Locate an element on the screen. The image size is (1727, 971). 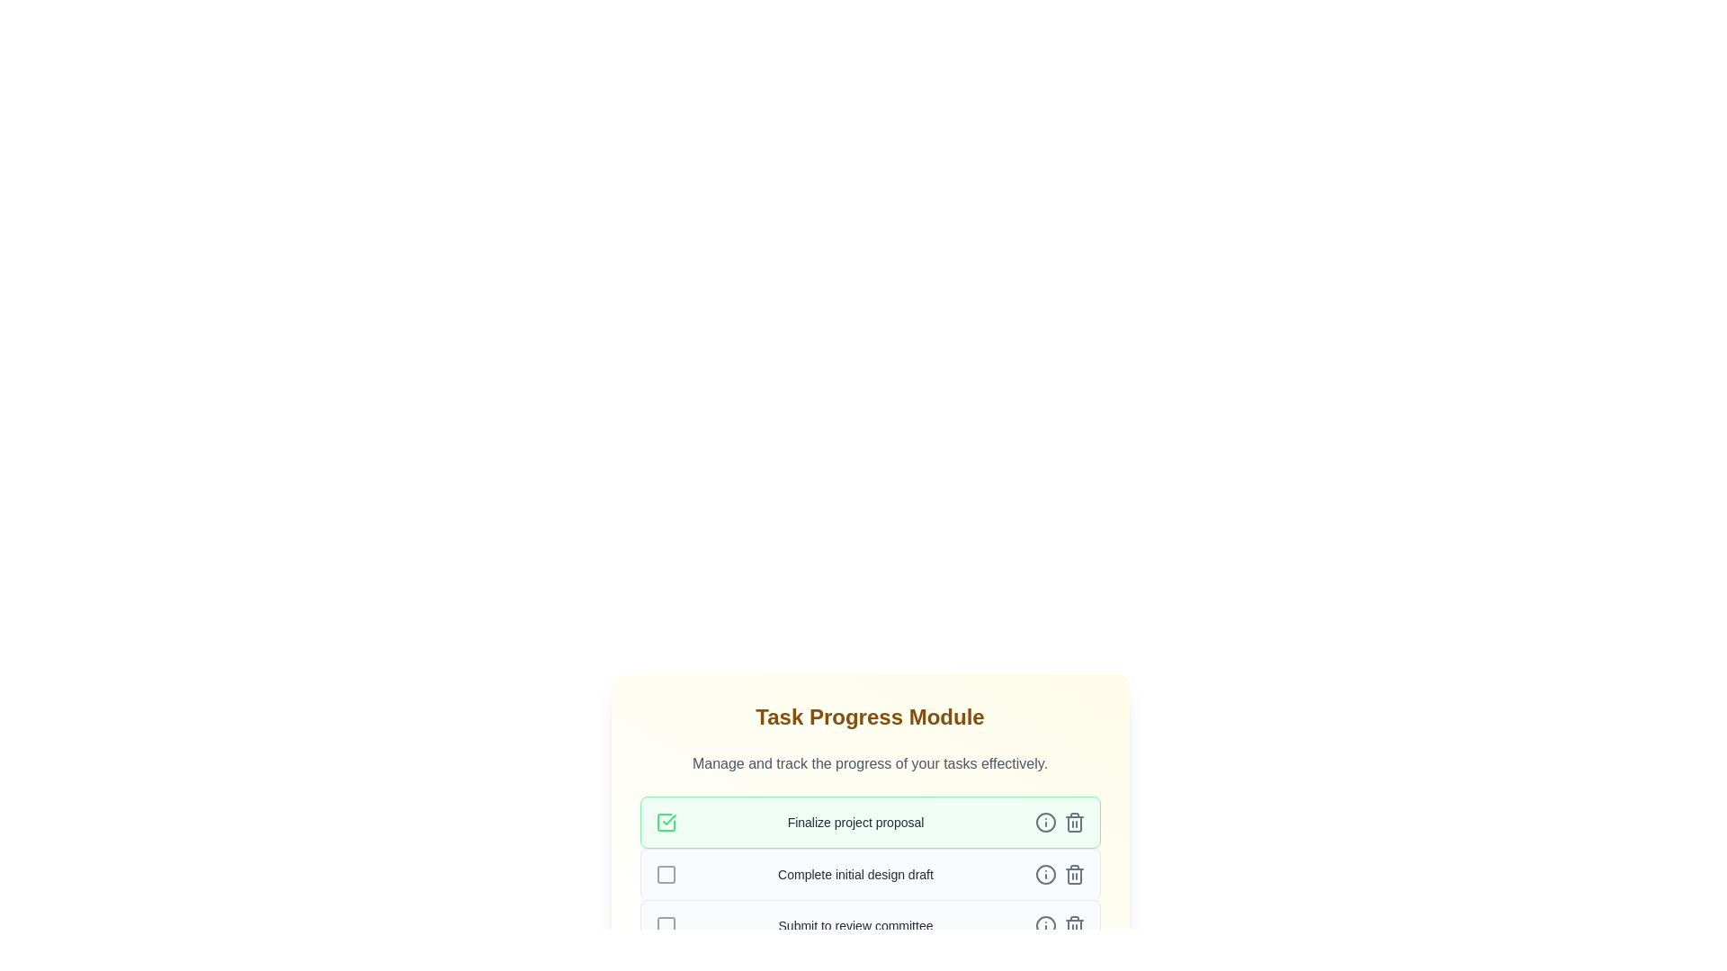
the delete icon button located in the action section of the last task row in the task management list is located at coordinates (1074, 925).